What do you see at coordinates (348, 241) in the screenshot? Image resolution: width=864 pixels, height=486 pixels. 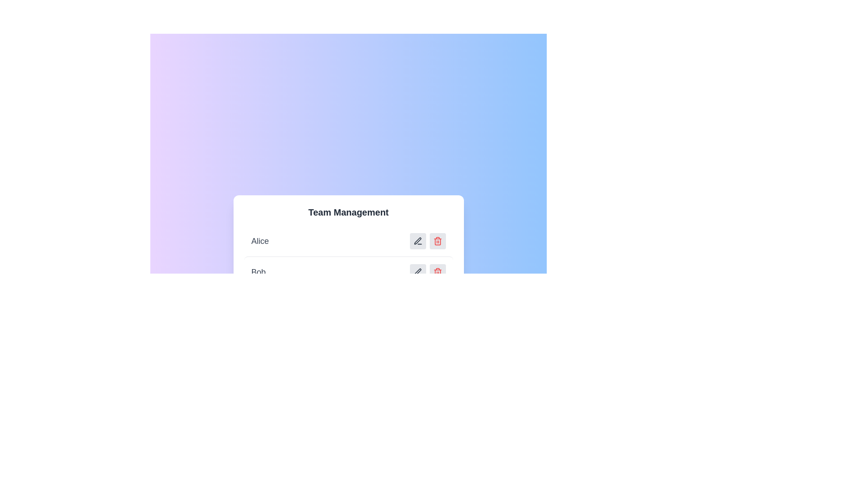 I see `the team member Alice from the list` at bounding box center [348, 241].